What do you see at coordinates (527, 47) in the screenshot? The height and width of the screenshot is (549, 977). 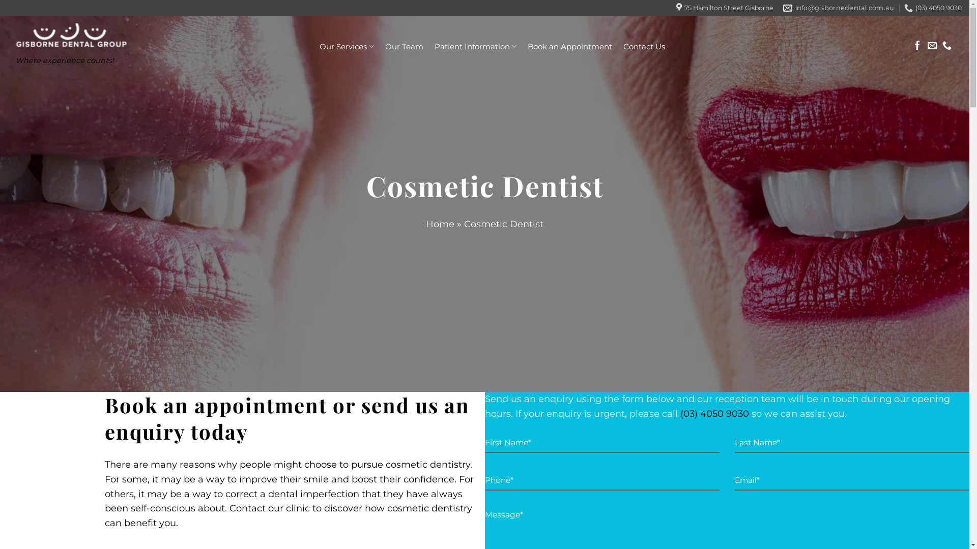 I see `'Book an Appointment'` at bounding box center [527, 47].